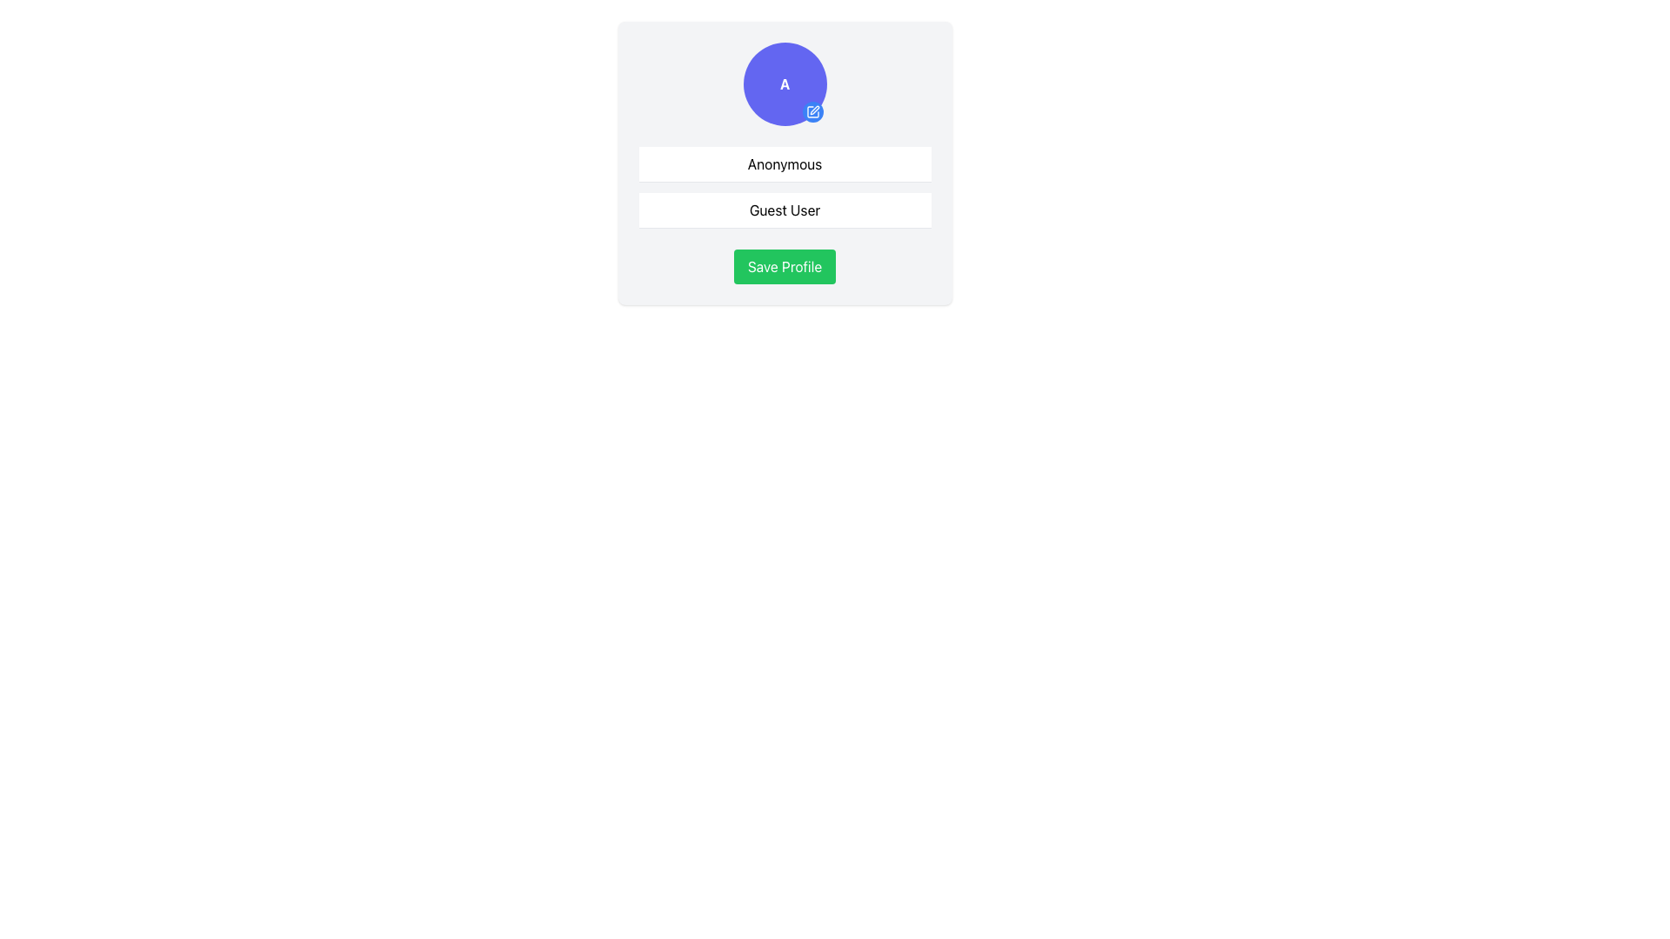 This screenshot has height=939, width=1670. I want to click on the save or submit button located centrally below the text input fields titled 'Anonymous' and 'Guest User', so click(784, 267).